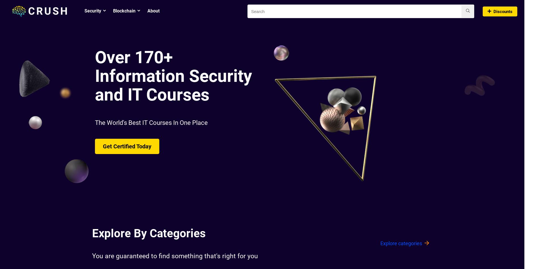  Describe the element at coordinates (151, 122) in the screenshot. I see `'The World's Best IT Courses In One Place'` at that location.